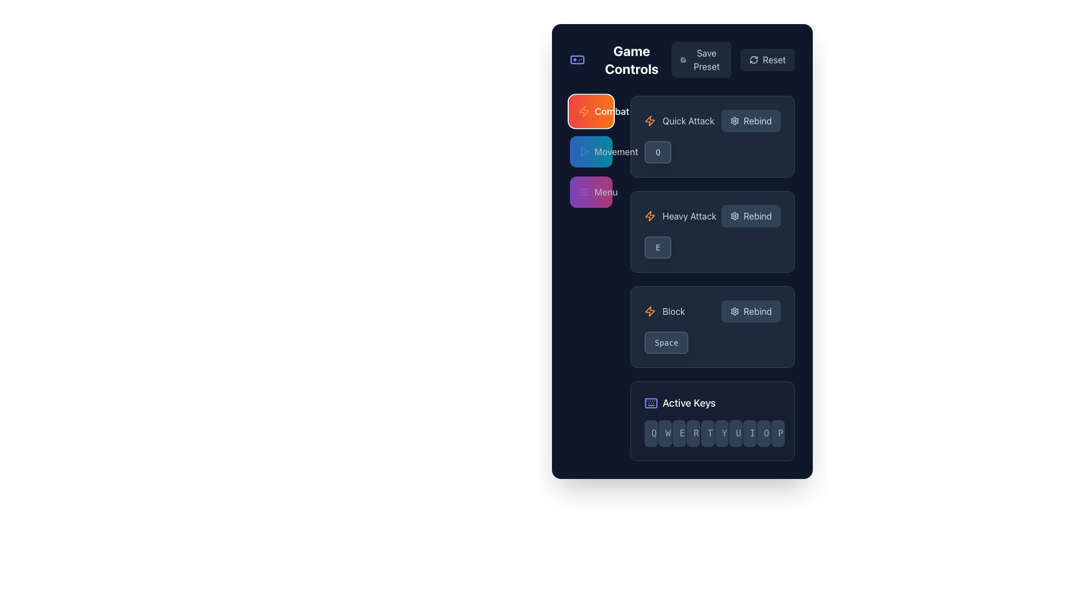 This screenshot has height=605, width=1077. I want to click on the 'Save Preset' button, so click(701, 60).